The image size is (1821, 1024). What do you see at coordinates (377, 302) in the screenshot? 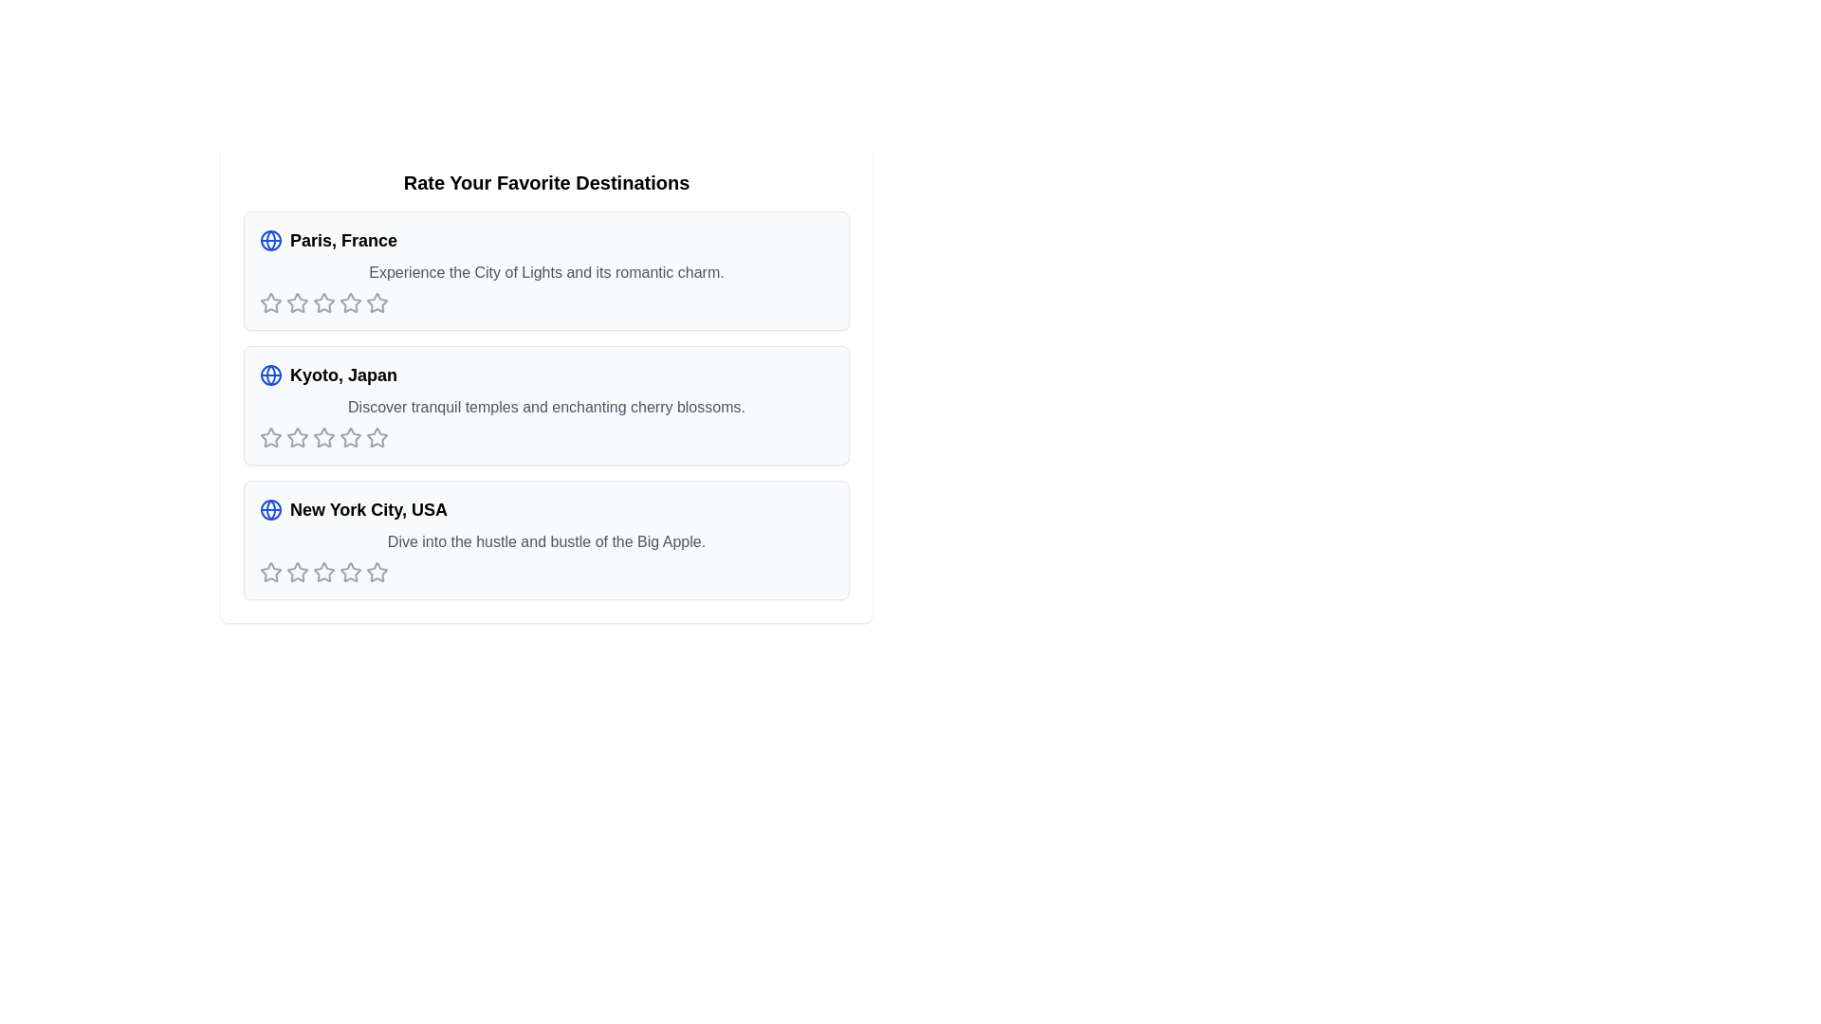
I see `the fourth gray outlined star icon` at bounding box center [377, 302].